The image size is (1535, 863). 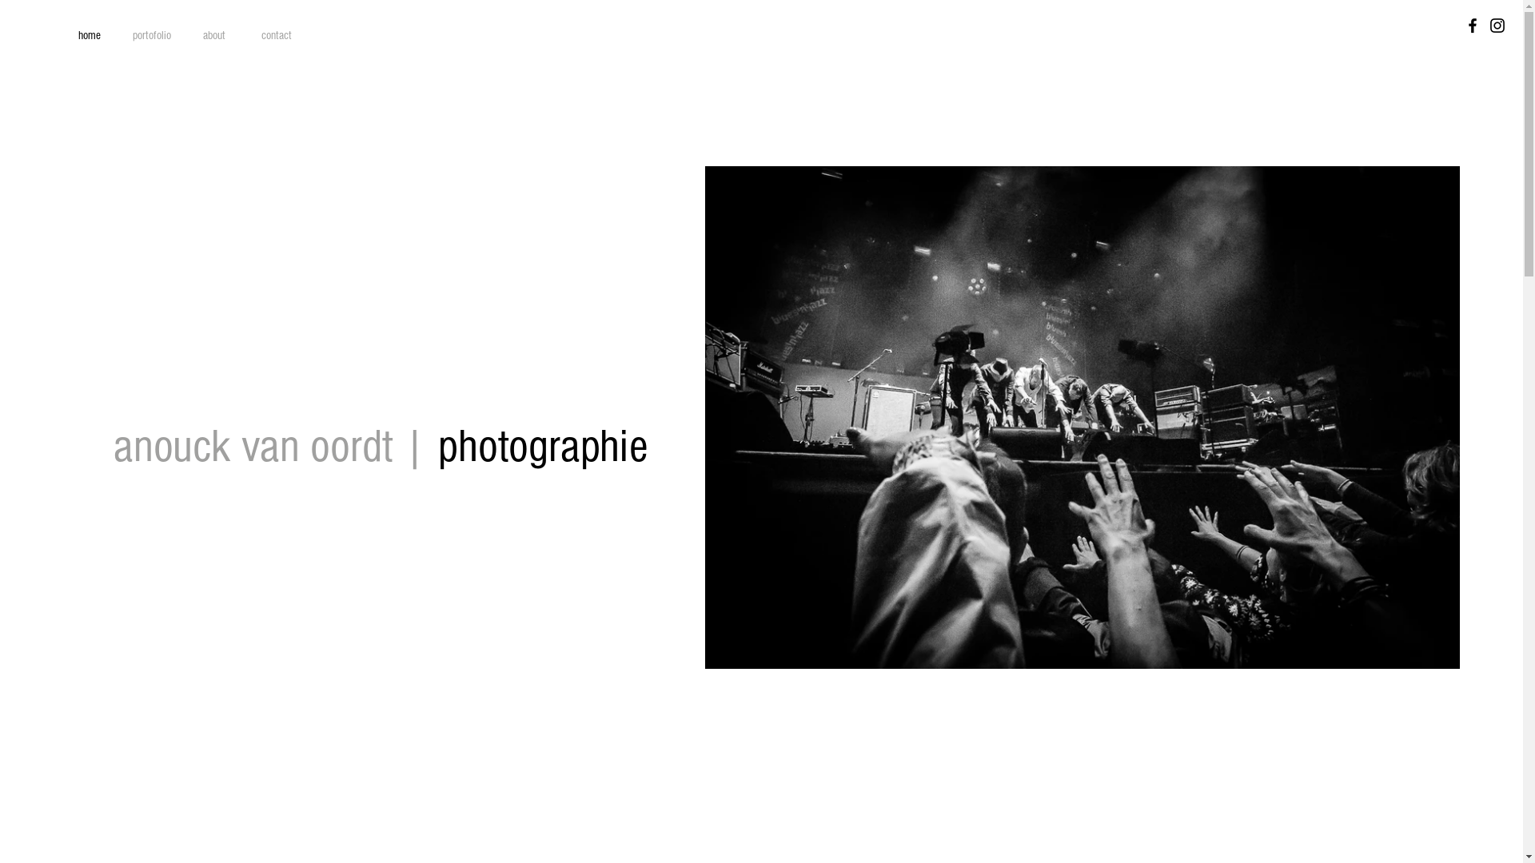 What do you see at coordinates (276, 36) in the screenshot?
I see `'contact'` at bounding box center [276, 36].